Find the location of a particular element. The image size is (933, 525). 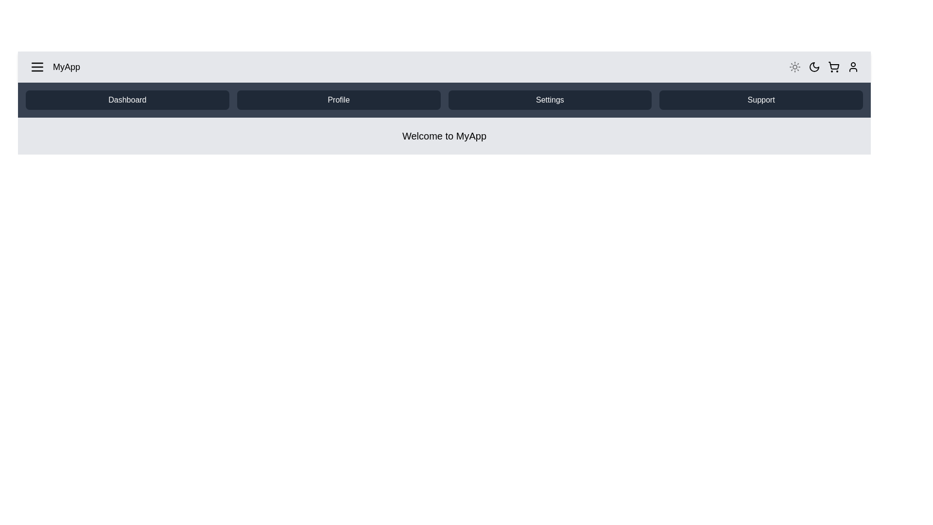

the menu icon to toggle the menu visibility is located at coordinates (37, 67).